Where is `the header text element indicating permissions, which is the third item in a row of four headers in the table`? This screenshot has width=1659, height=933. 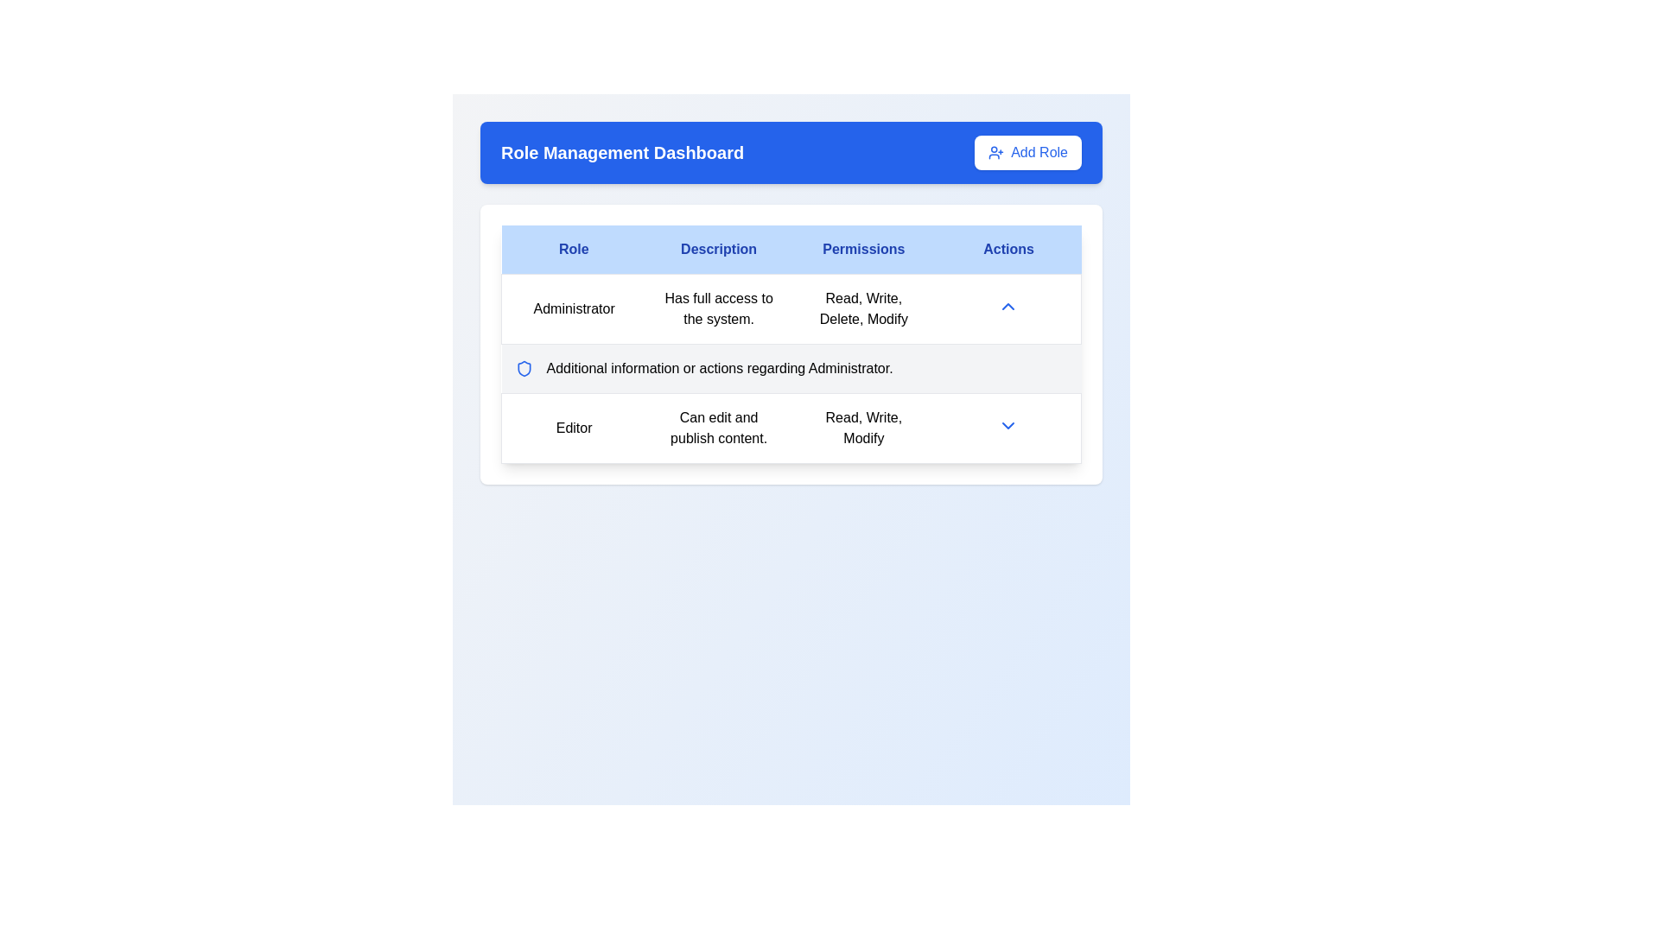
the header text element indicating permissions, which is the third item in a row of four headers in the table is located at coordinates (863, 250).